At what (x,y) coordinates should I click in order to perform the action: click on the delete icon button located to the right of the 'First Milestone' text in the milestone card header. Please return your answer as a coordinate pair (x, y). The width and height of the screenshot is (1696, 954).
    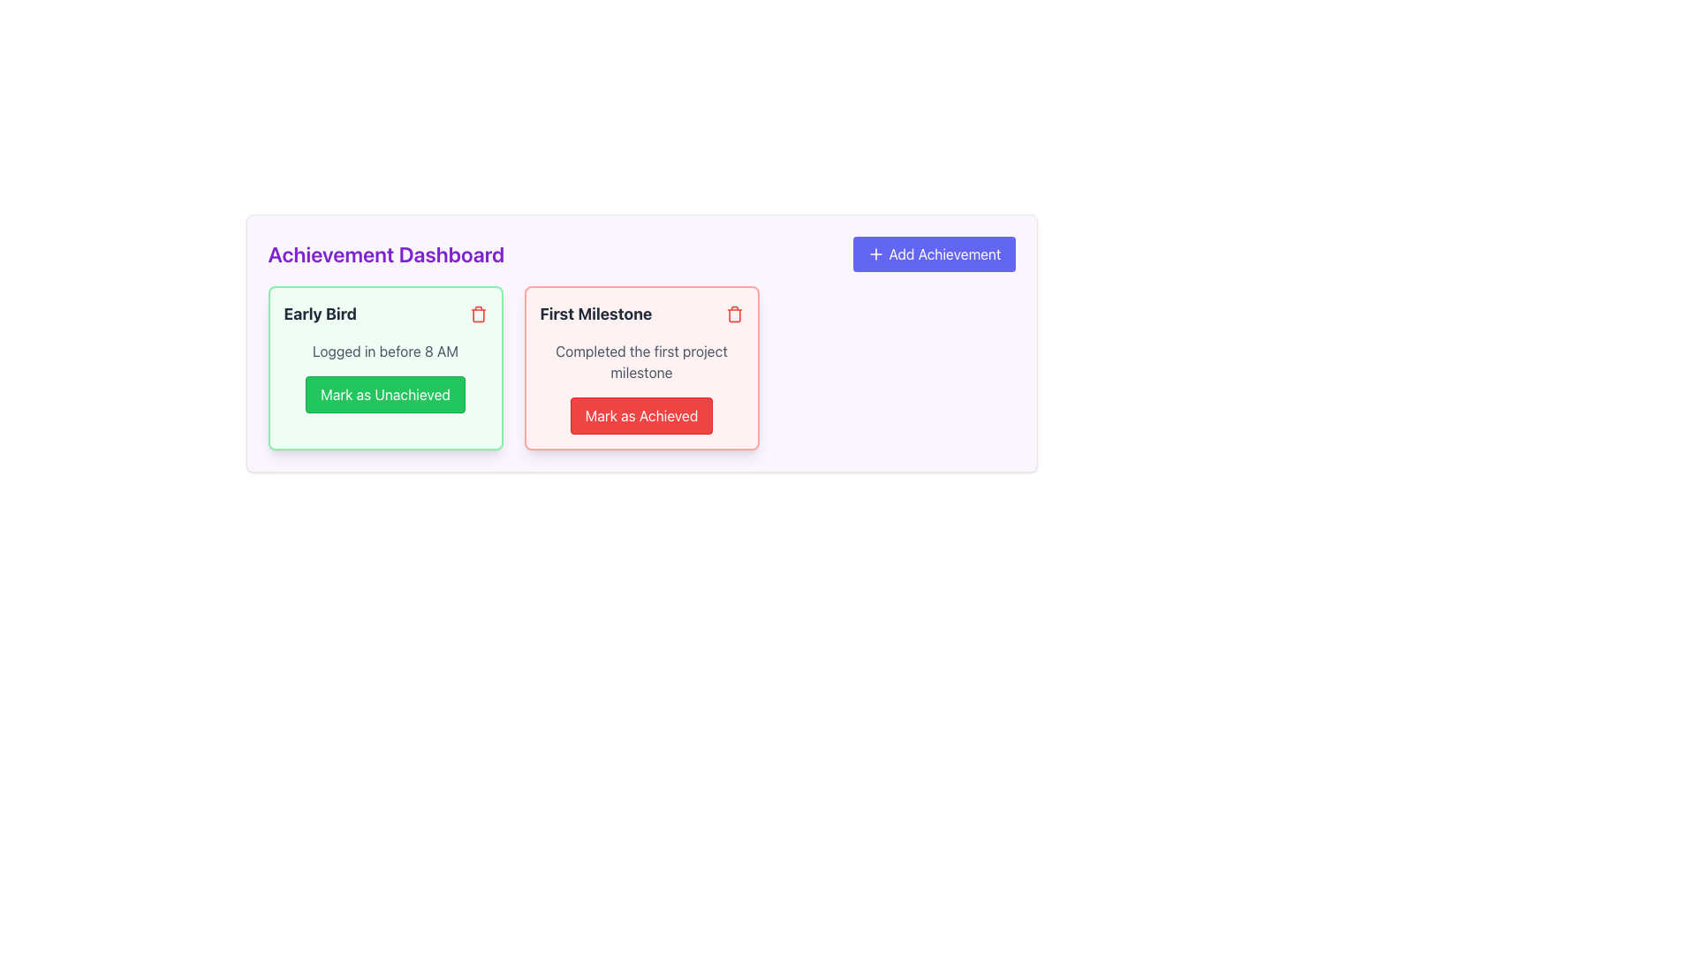
    Looking at the image, I should click on (734, 313).